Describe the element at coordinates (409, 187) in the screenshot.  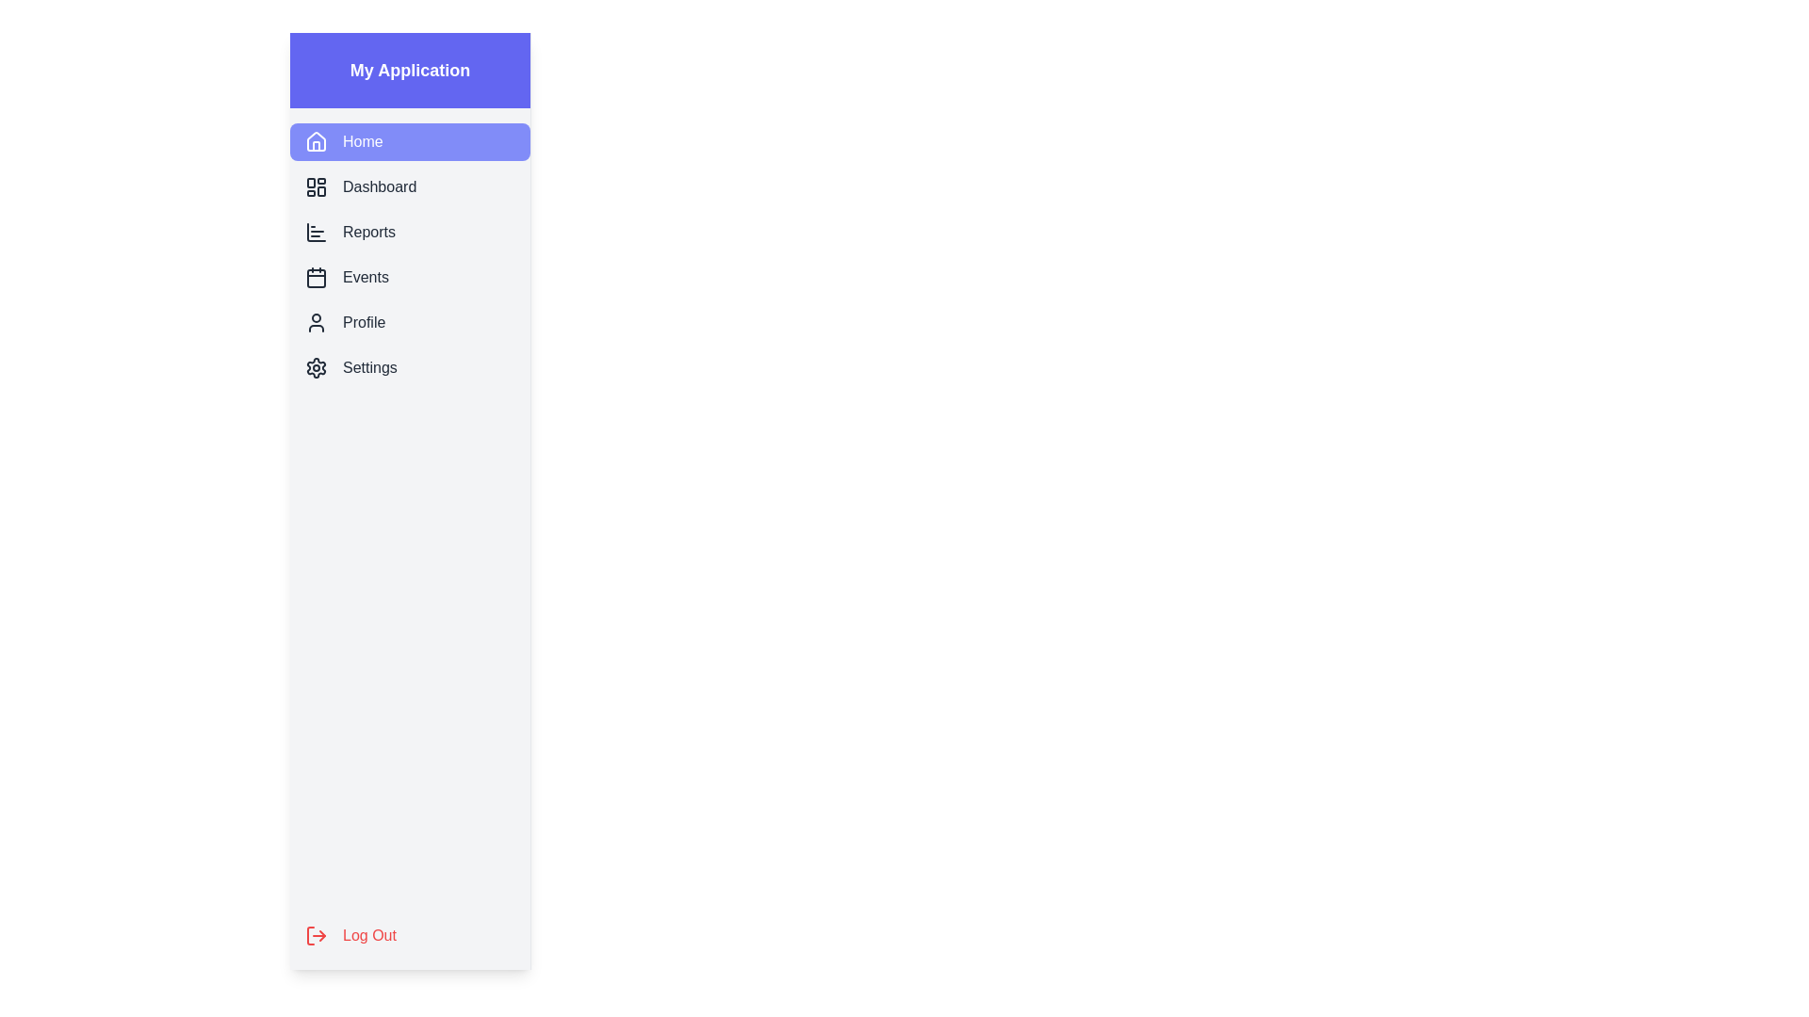
I see `the 'Dashboard' menu item, which is the second item in the vertical navigation menu` at that location.